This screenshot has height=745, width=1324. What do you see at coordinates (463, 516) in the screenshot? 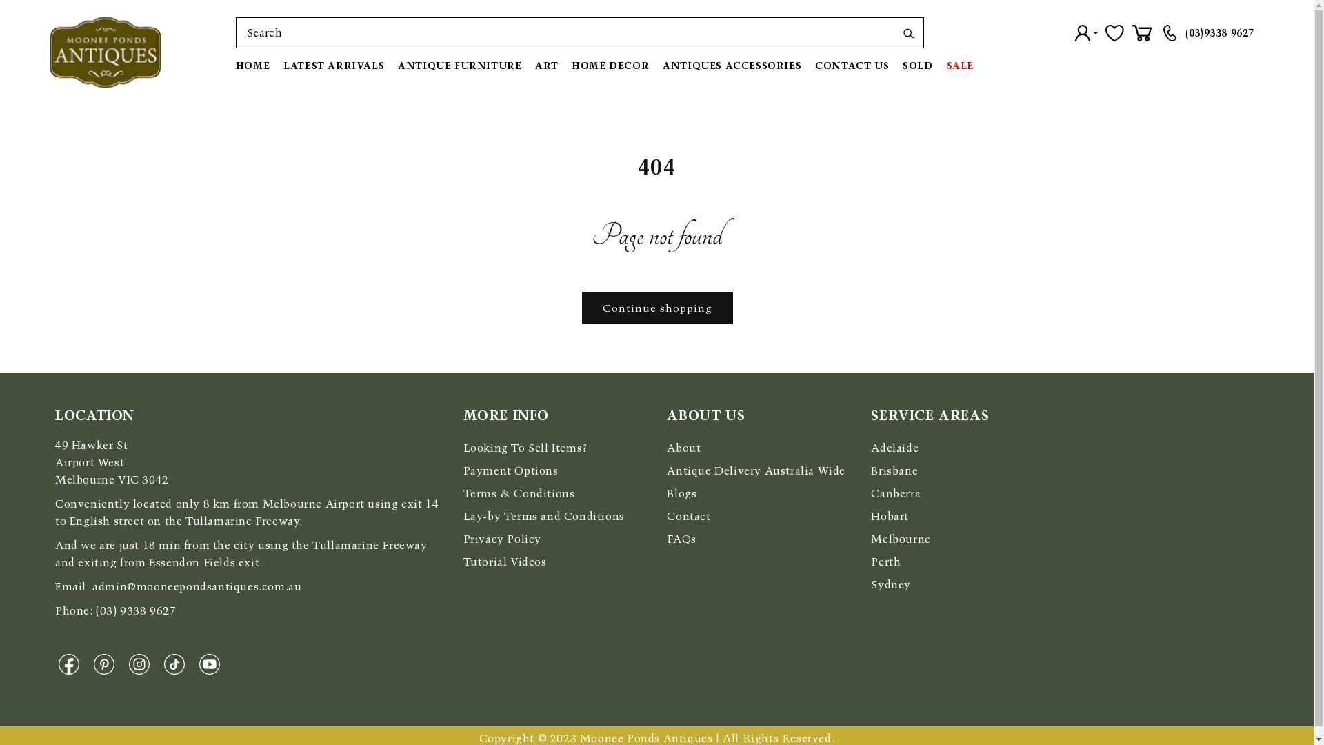
I see `'Lay-by Terms and Conditions'` at bounding box center [463, 516].